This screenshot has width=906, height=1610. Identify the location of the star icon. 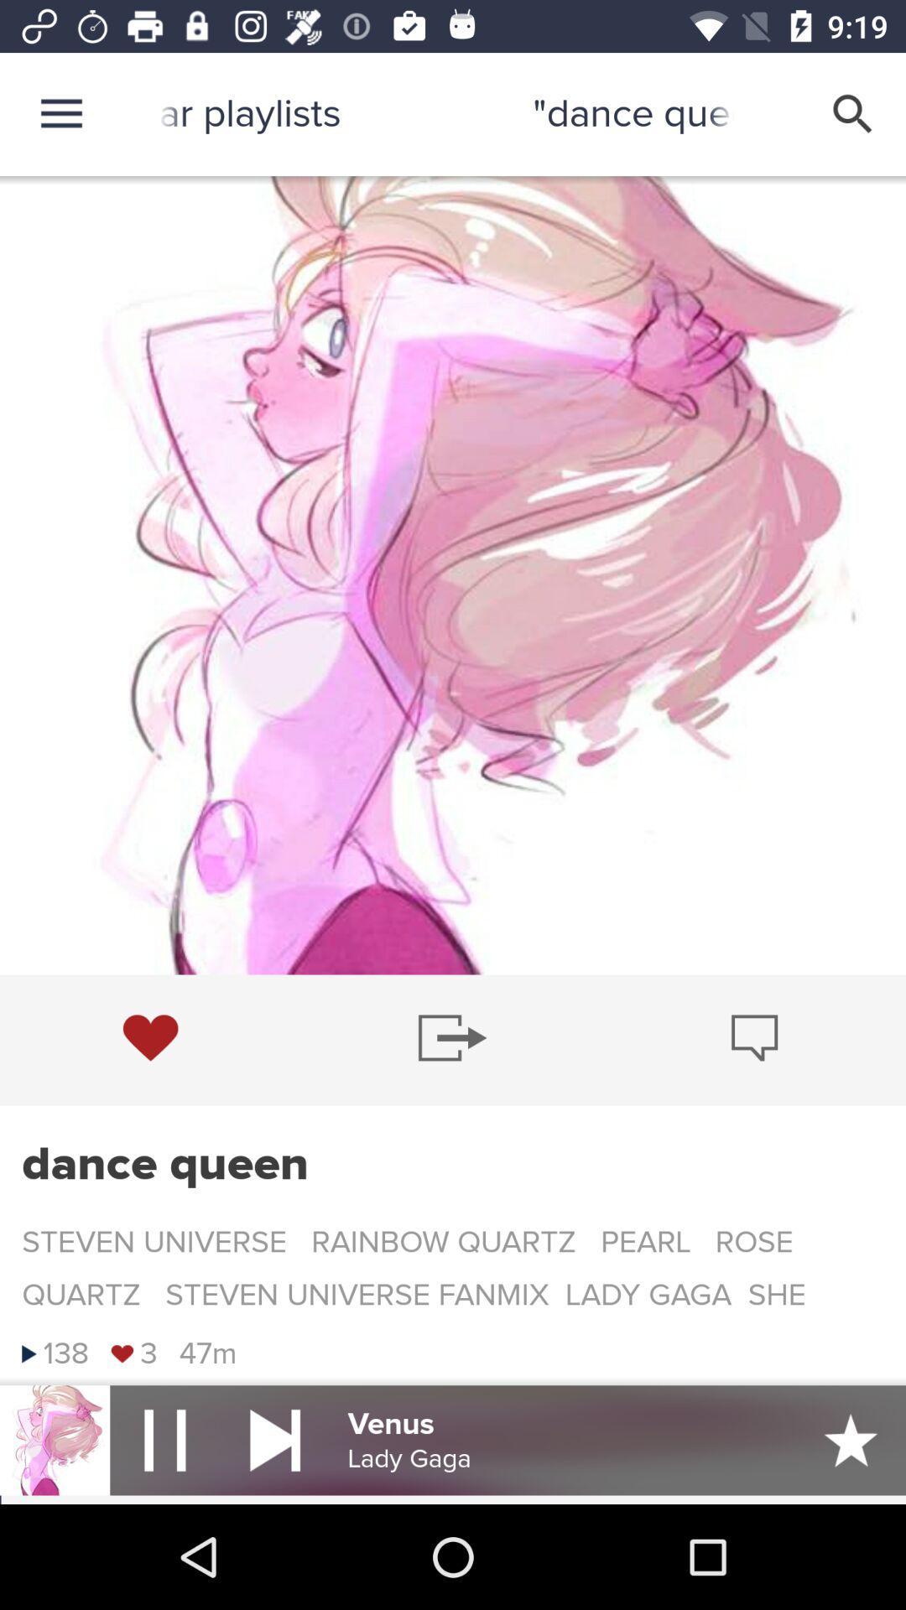
(851, 1439).